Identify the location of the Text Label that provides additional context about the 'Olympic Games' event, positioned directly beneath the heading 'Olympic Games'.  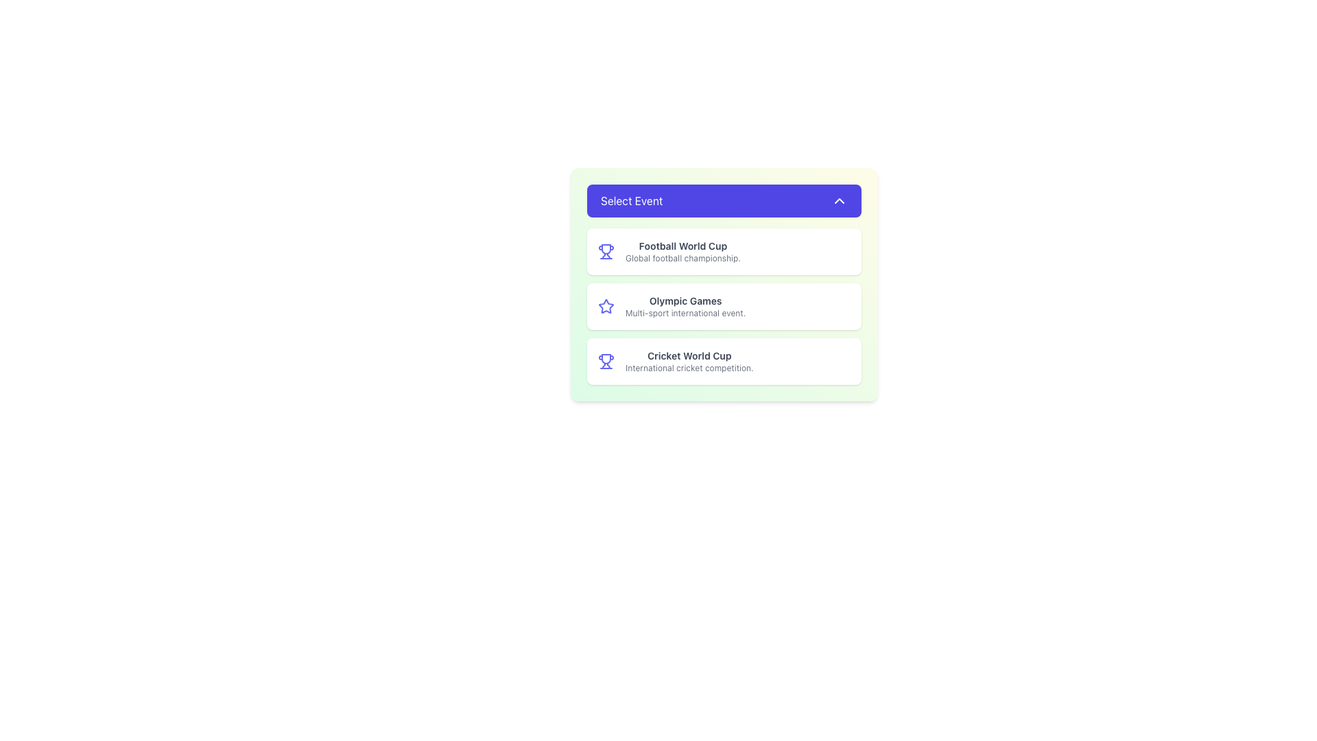
(685, 313).